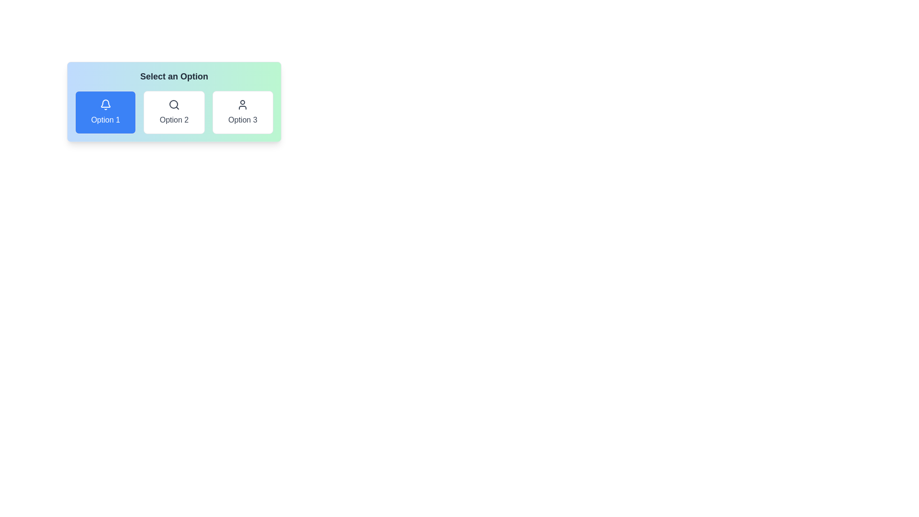  What do you see at coordinates (243, 105) in the screenshot?
I see `the user silhouette icon located in the third option of a horizontal option menu labeled 'Option 3'` at bounding box center [243, 105].